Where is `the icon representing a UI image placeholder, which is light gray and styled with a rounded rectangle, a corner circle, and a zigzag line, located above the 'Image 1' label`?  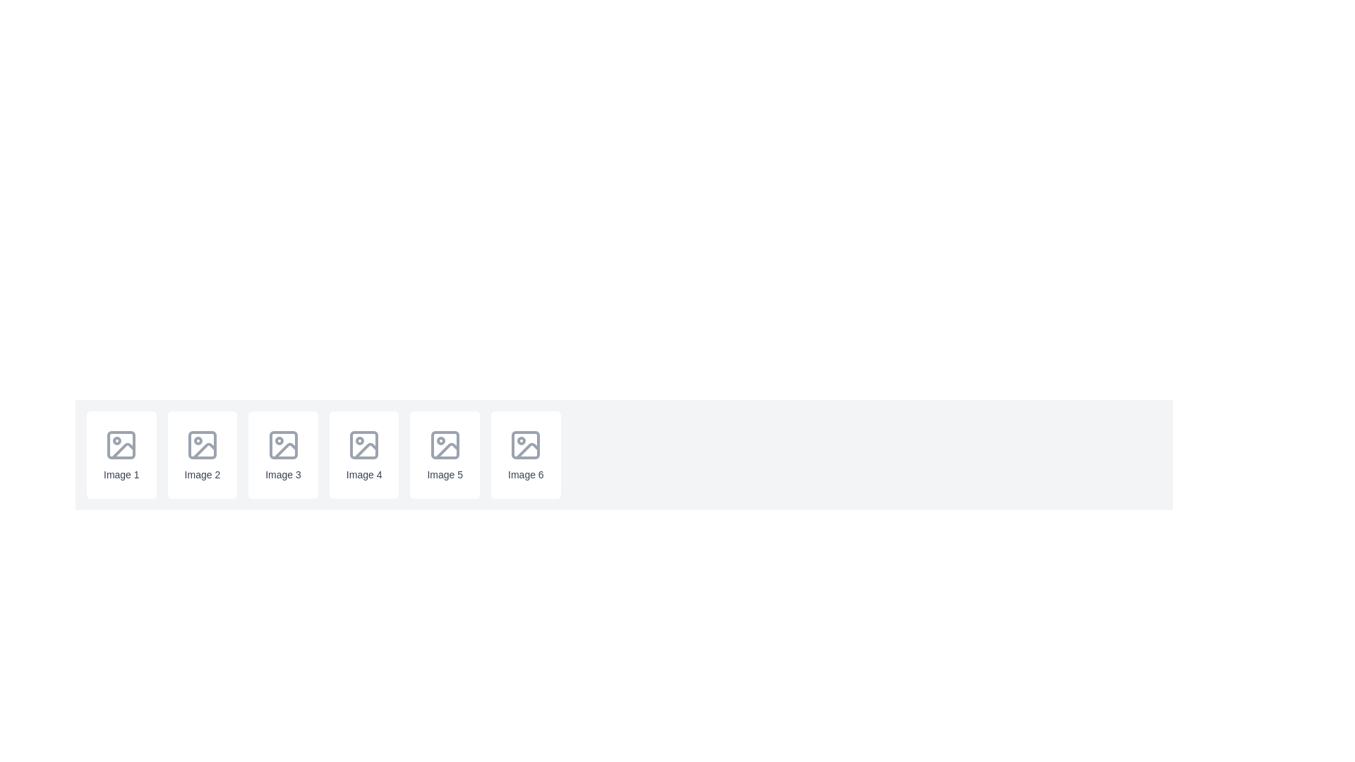 the icon representing a UI image placeholder, which is light gray and styled with a rounded rectangle, a corner circle, and a zigzag line, located above the 'Image 1' label is located at coordinates (121, 445).